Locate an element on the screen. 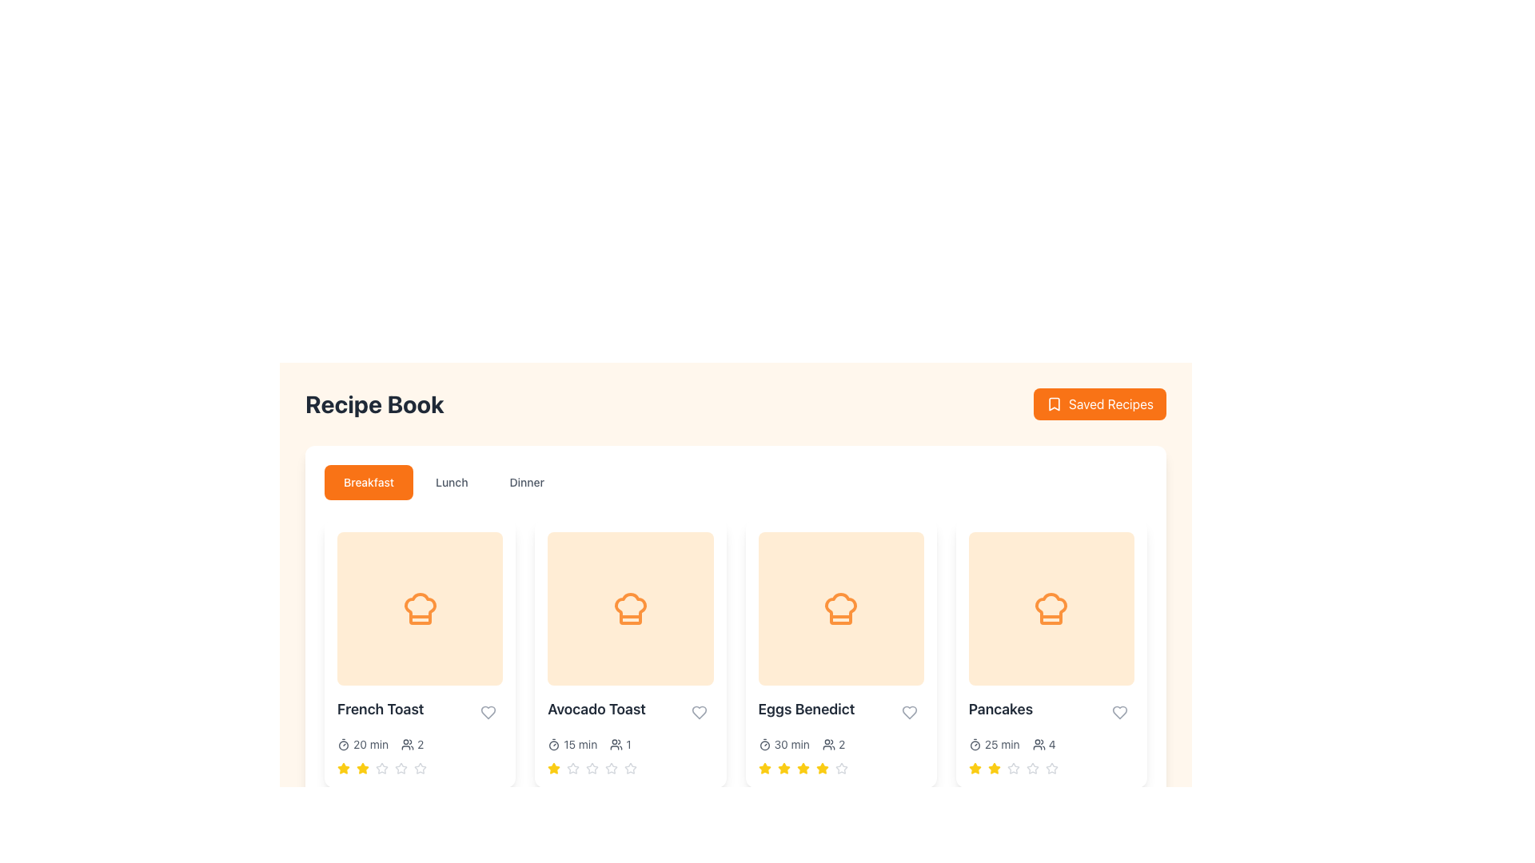  the second star in the rating system located under the 'Eggs Benedict' menu item is located at coordinates (764, 767).